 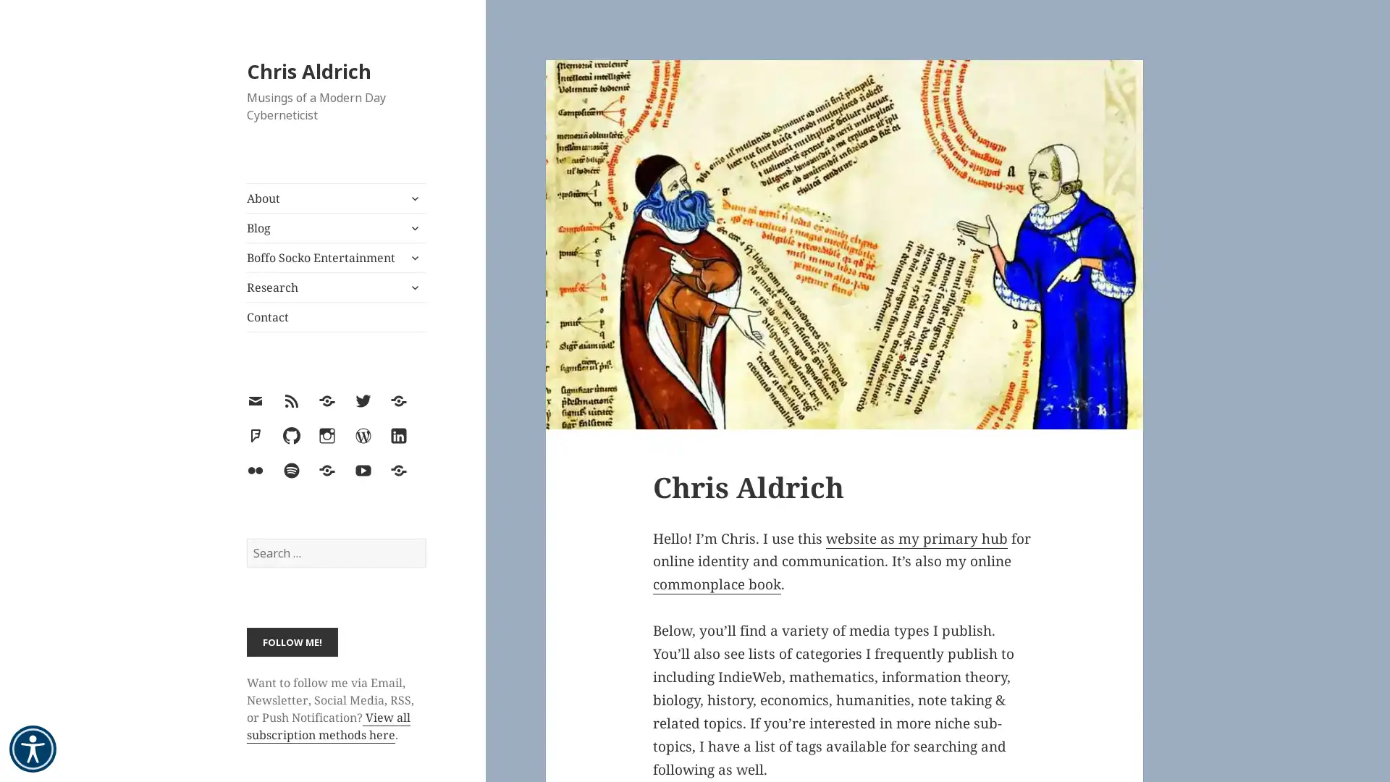 I want to click on Accessibility Menu, so click(x=33, y=749).